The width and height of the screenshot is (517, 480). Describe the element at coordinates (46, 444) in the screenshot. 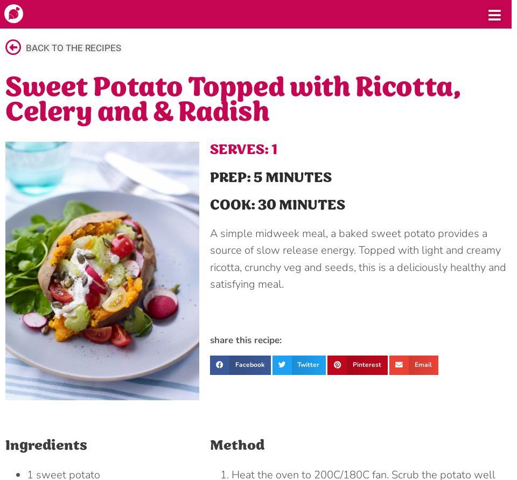

I see `'Ingredients'` at that location.